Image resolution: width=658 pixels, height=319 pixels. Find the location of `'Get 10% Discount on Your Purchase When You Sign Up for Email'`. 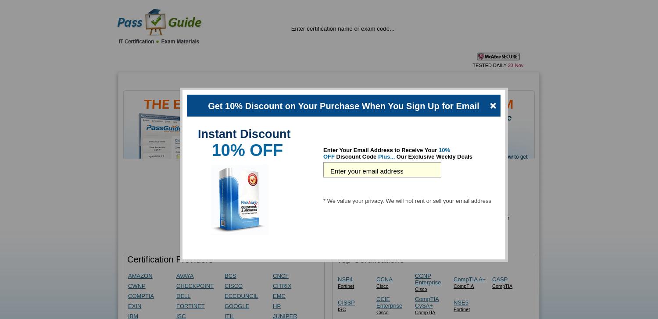

'Get 10% Discount on Your Purchase When You Sign Up for Email' is located at coordinates (207, 106).